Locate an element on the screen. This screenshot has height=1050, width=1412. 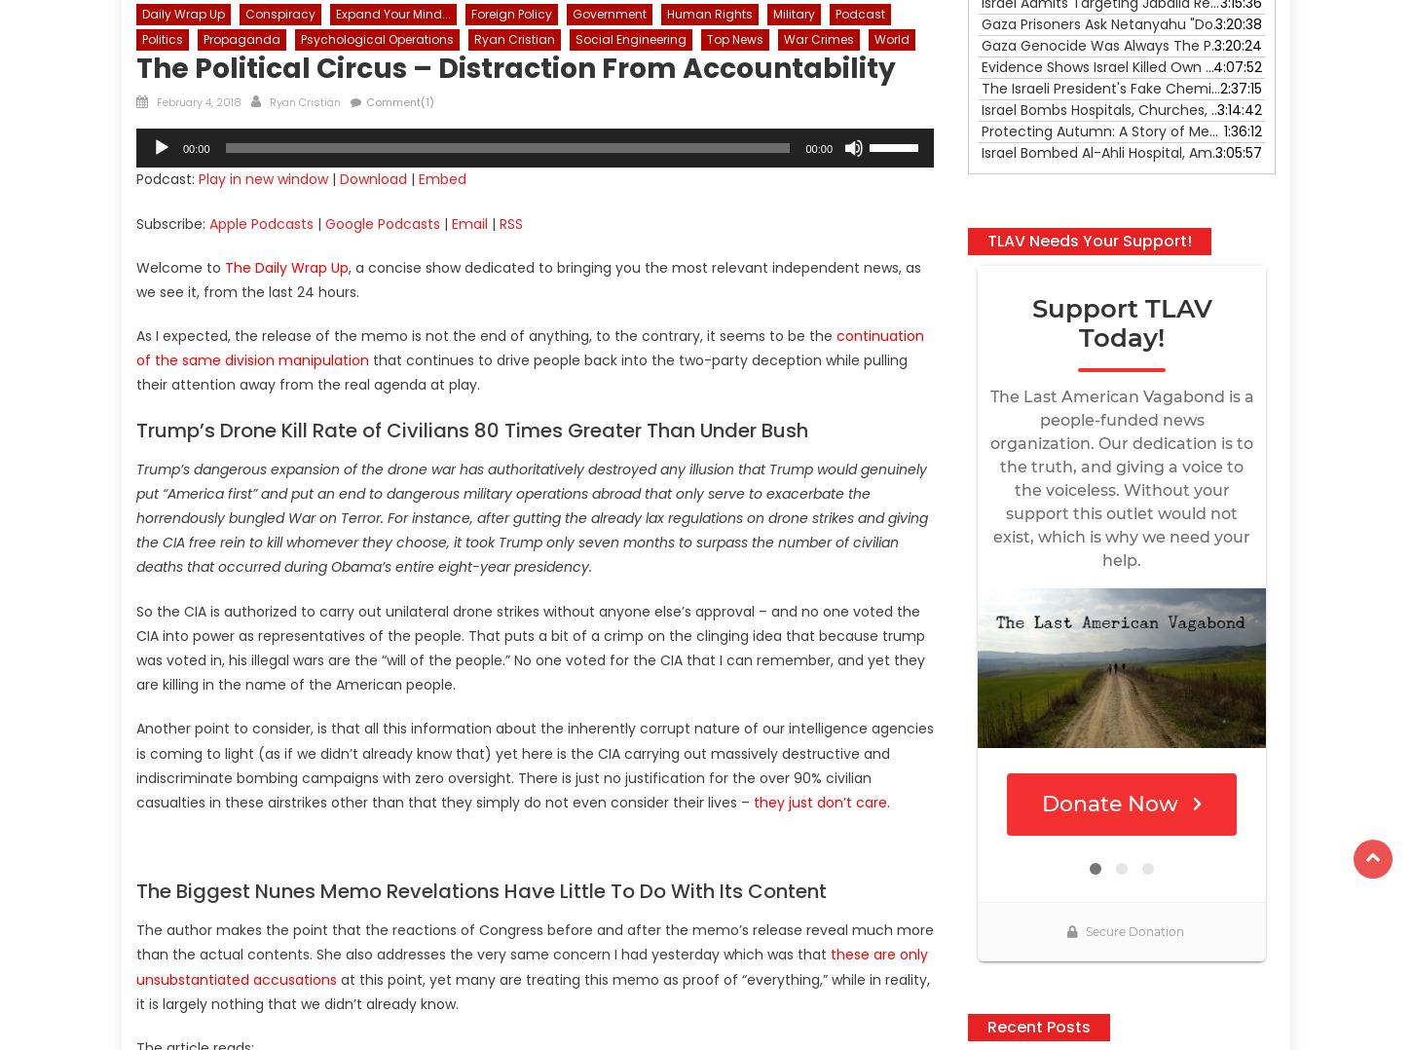
'continuation of the same division manipulation' is located at coordinates (530, 348).